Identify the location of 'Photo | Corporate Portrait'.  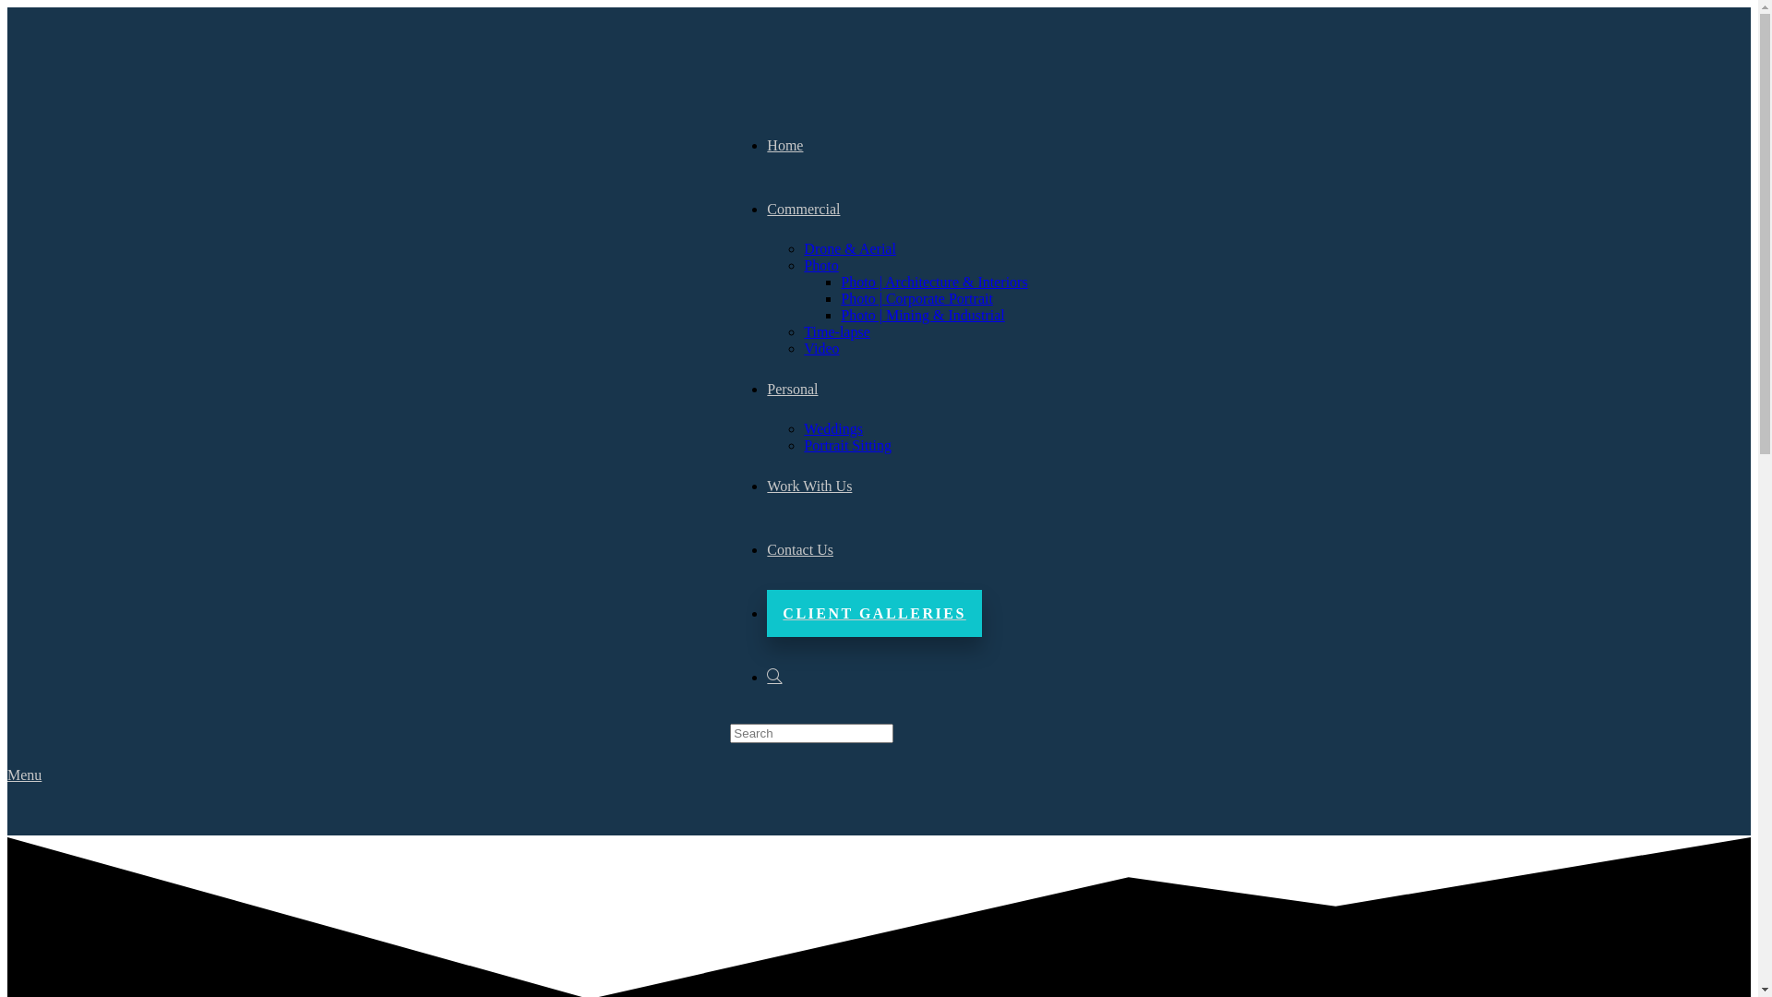
(916, 297).